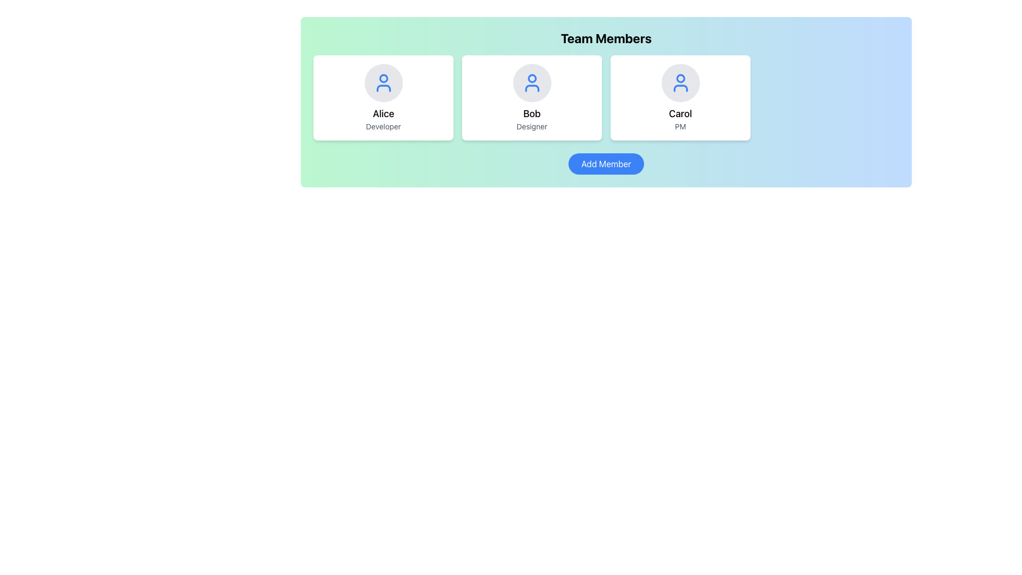 The height and width of the screenshot is (575, 1022). Describe the element at coordinates (680, 126) in the screenshot. I see `the Text Label indicating the role or time designation associated with 'Carol', located in the white card below the name label` at that location.